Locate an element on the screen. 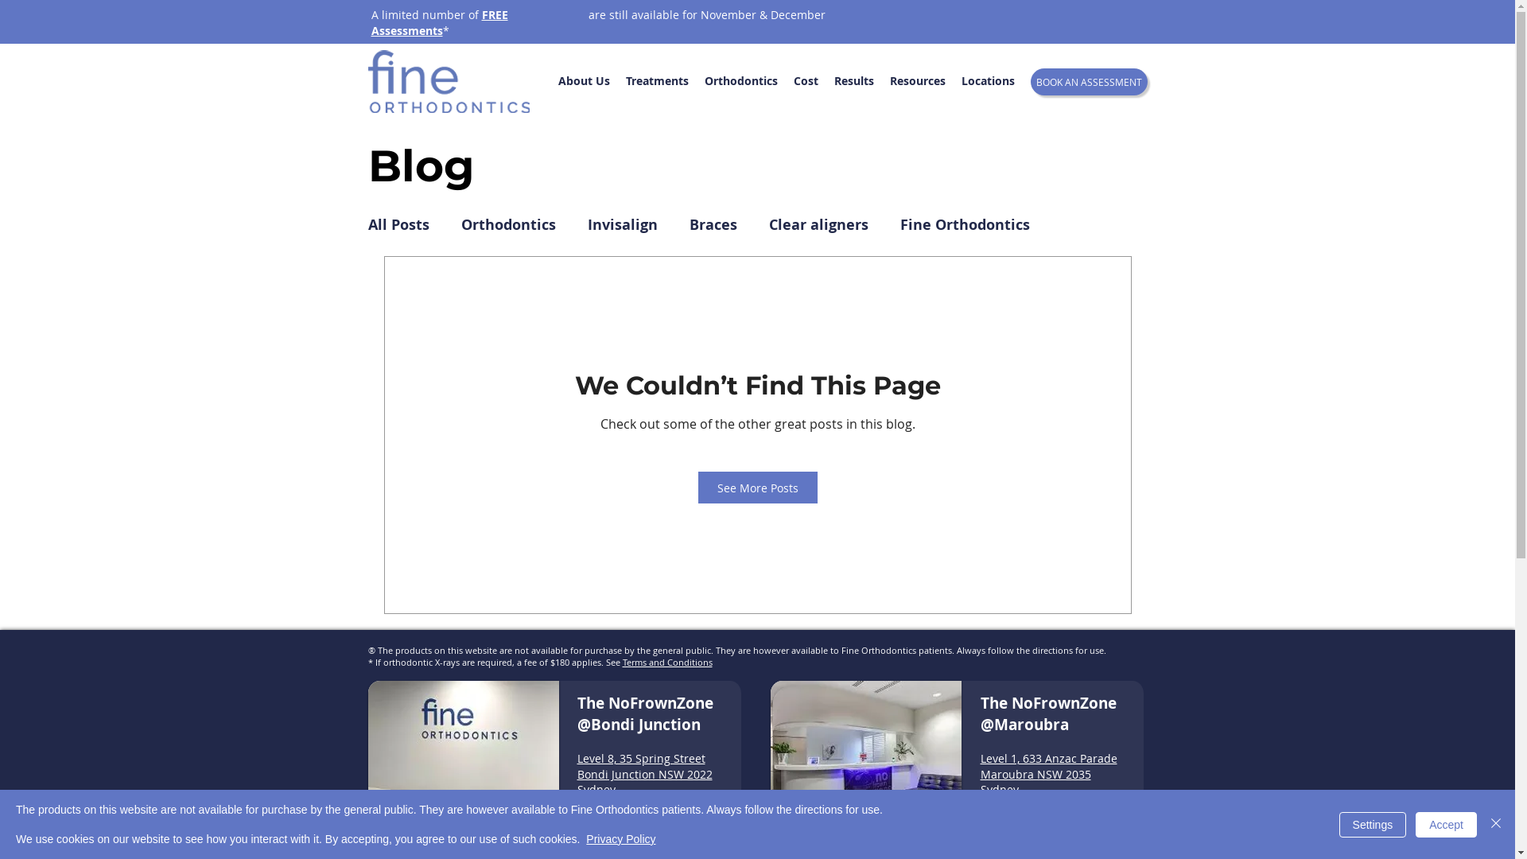 This screenshot has width=1527, height=859. 'Level 8, 35 Spring Street is located at coordinates (645, 772).